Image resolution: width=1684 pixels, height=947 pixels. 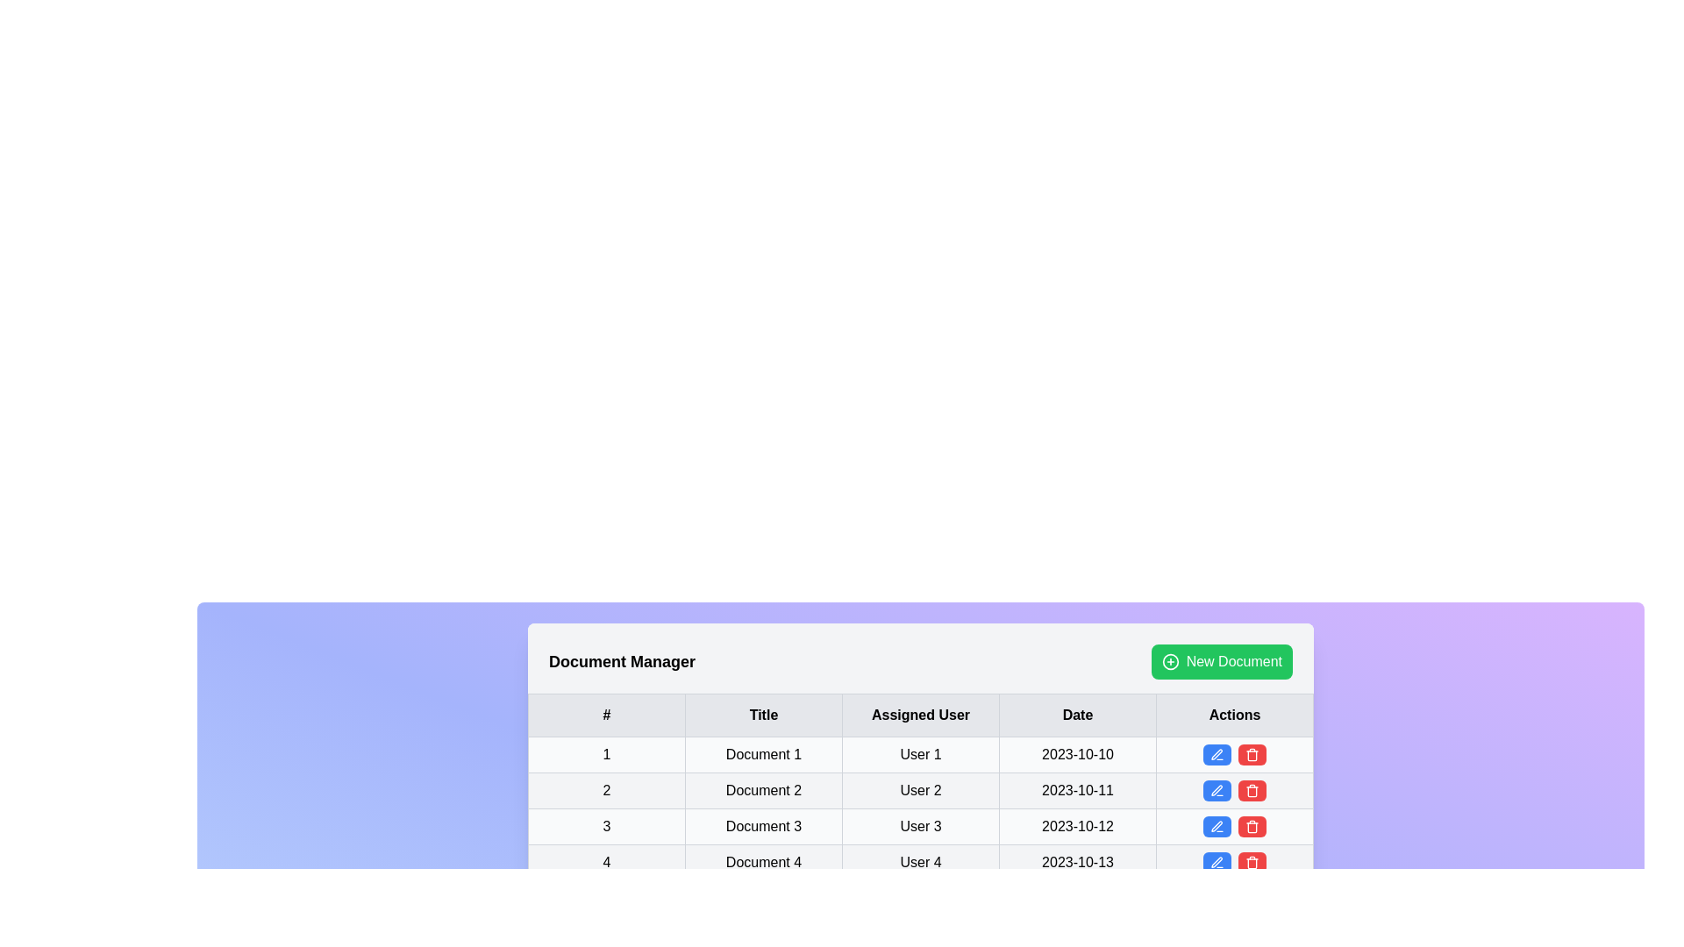 I want to click on the delete button located in the 'Actions' column for 'Document 3', positioned to the right of the blue 'edit' button, so click(x=1252, y=826).